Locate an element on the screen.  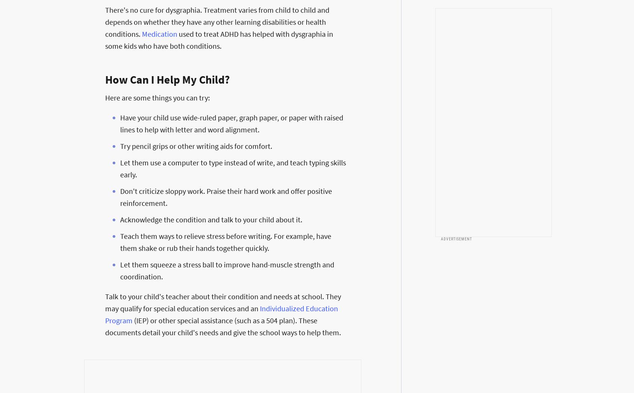
'Have your child use wide-ruled paper, graph paper, or paper with raised lines to help with letter and word alignment.' is located at coordinates (231, 123).